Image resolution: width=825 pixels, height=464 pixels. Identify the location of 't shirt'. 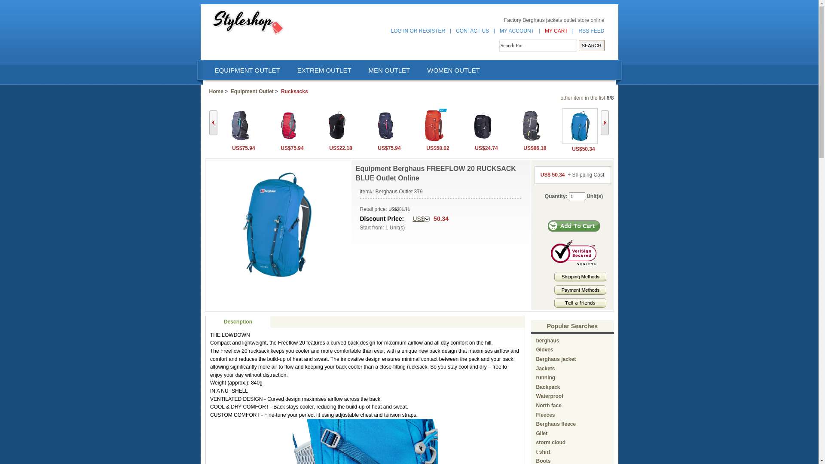
(543, 452).